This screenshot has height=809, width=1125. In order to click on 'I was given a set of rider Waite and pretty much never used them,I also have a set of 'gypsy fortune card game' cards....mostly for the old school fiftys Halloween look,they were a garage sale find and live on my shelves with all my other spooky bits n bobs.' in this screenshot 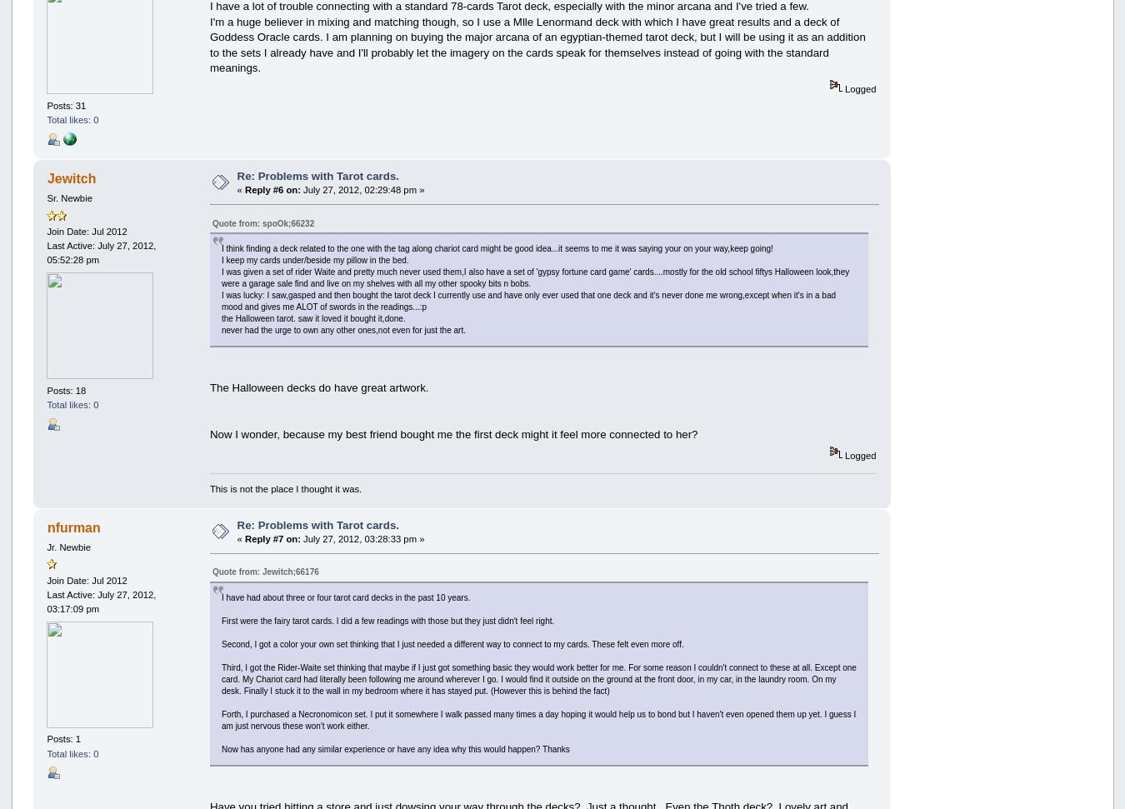, I will do `click(535, 277)`.